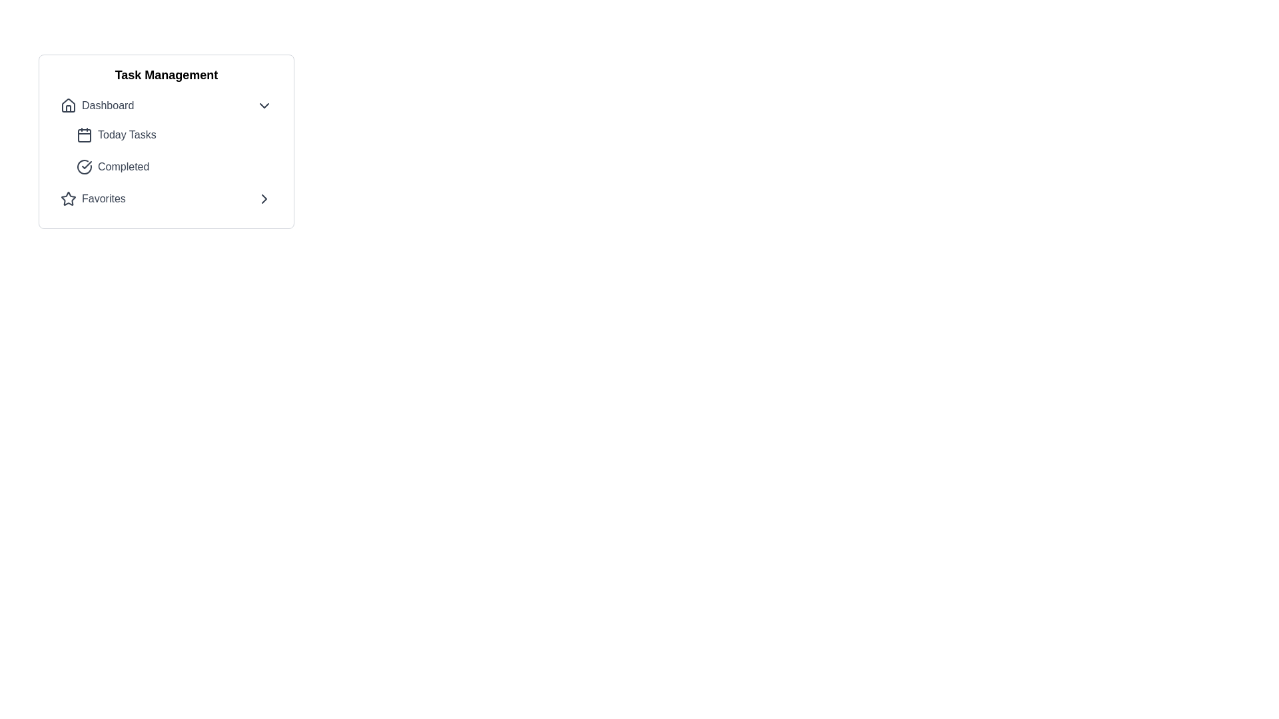 The image size is (1279, 719). Describe the element at coordinates (86, 164) in the screenshot. I see `the graphical checkmark enclosed in a circle within the 'Completed' label in the menu` at that location.